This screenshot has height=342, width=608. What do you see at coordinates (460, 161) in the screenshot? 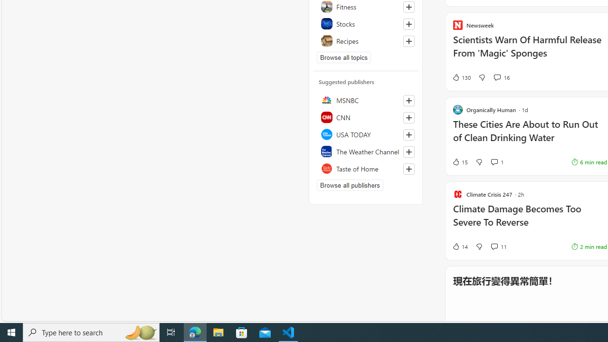
I see `'15 Like'` at bounding box center [460, 161].